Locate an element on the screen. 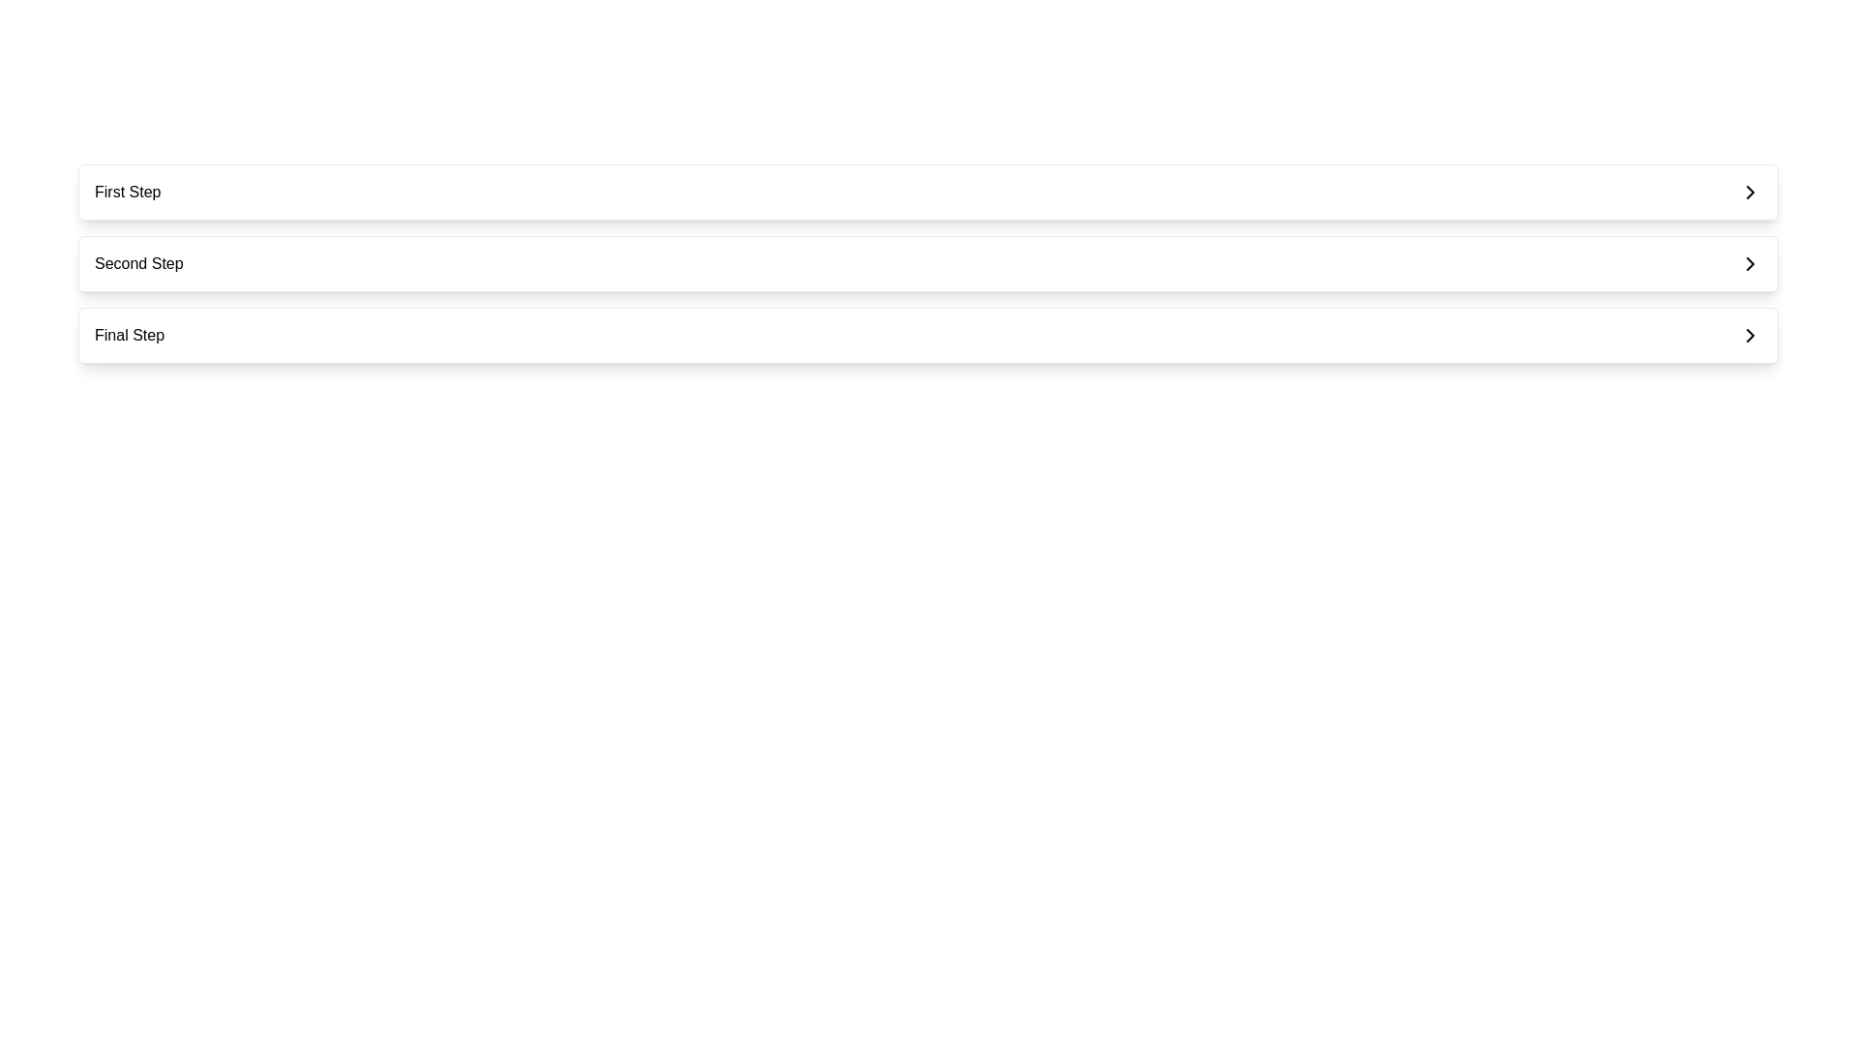 The width and height of the screenshot is (1858, 1045). the small right-facing chevron arrow icon located at the far right end of the 'First Step' option in the vertical list is located at coordinates (1751, 193).